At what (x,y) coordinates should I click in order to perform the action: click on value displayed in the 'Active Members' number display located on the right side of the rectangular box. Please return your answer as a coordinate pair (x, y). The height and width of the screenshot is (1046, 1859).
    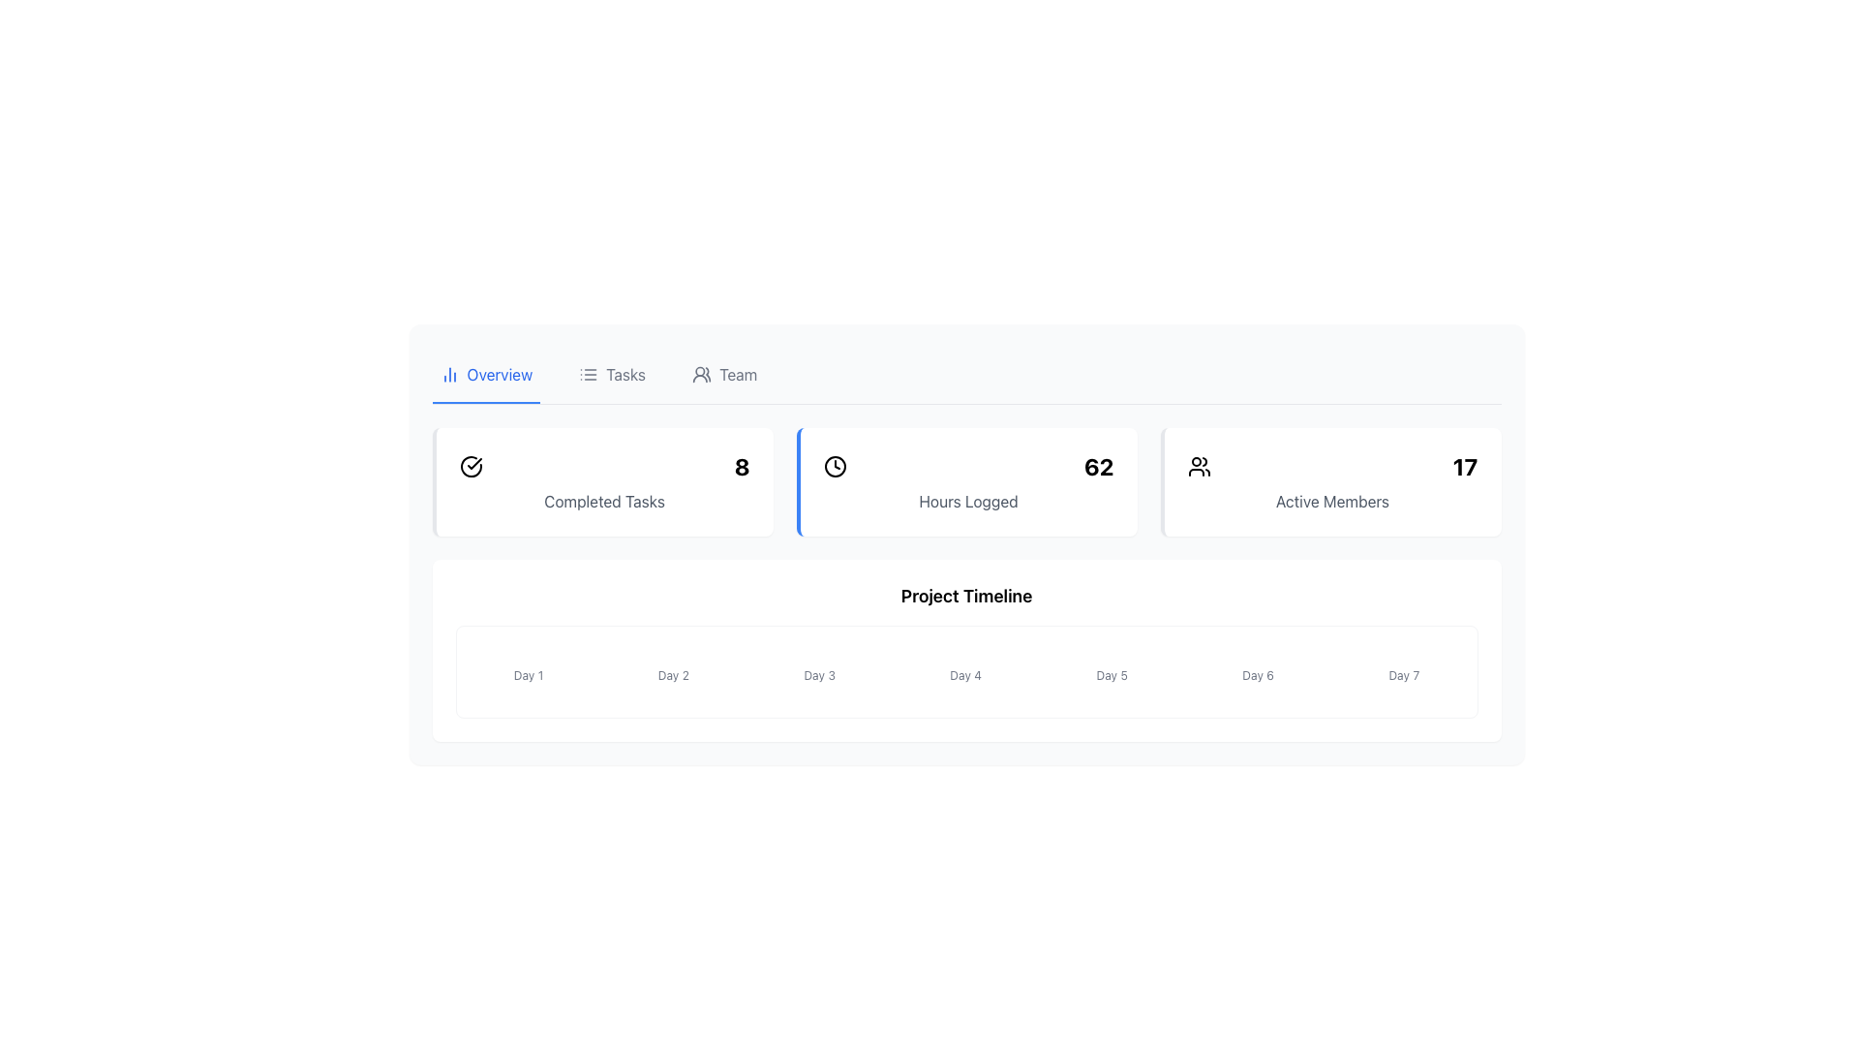
    Looking at the image, I should click on (1331, 467).